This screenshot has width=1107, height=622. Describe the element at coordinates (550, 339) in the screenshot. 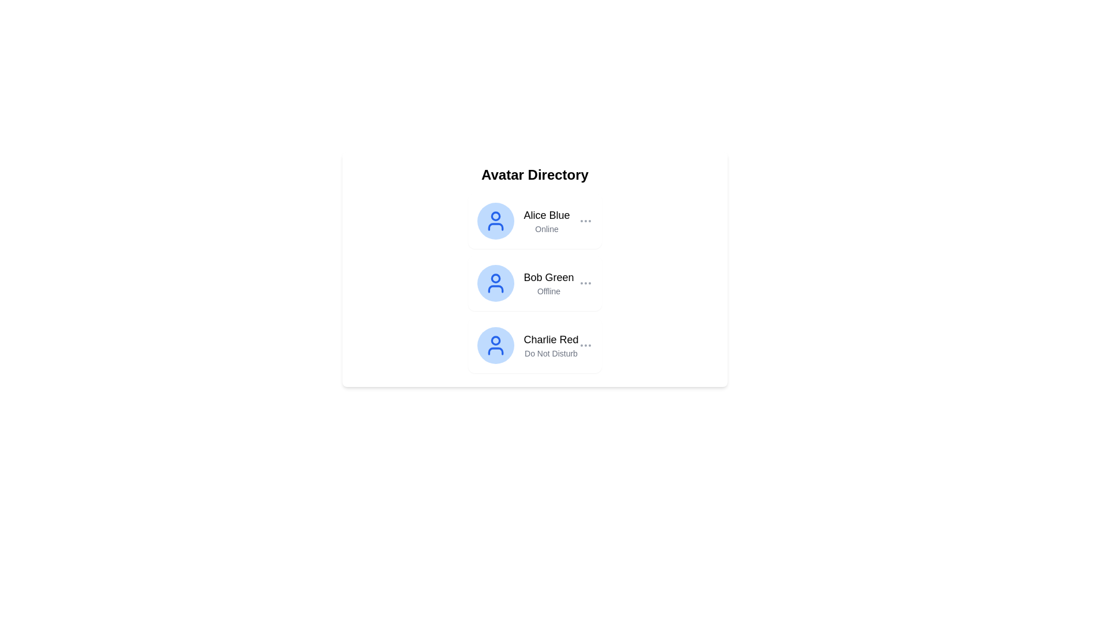

I see `the primary name text of the third user entry in a vertically stacked list, which is visually associated with the 'Do Not Disturb' text beneath it` at that location.